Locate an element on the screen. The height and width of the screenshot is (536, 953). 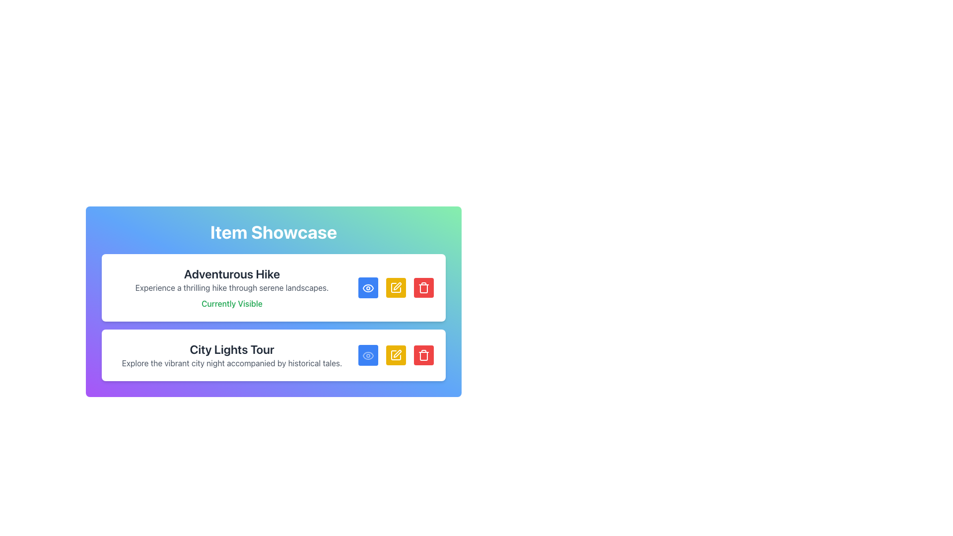
the red trash can icon is located at coordinates (424, 355).